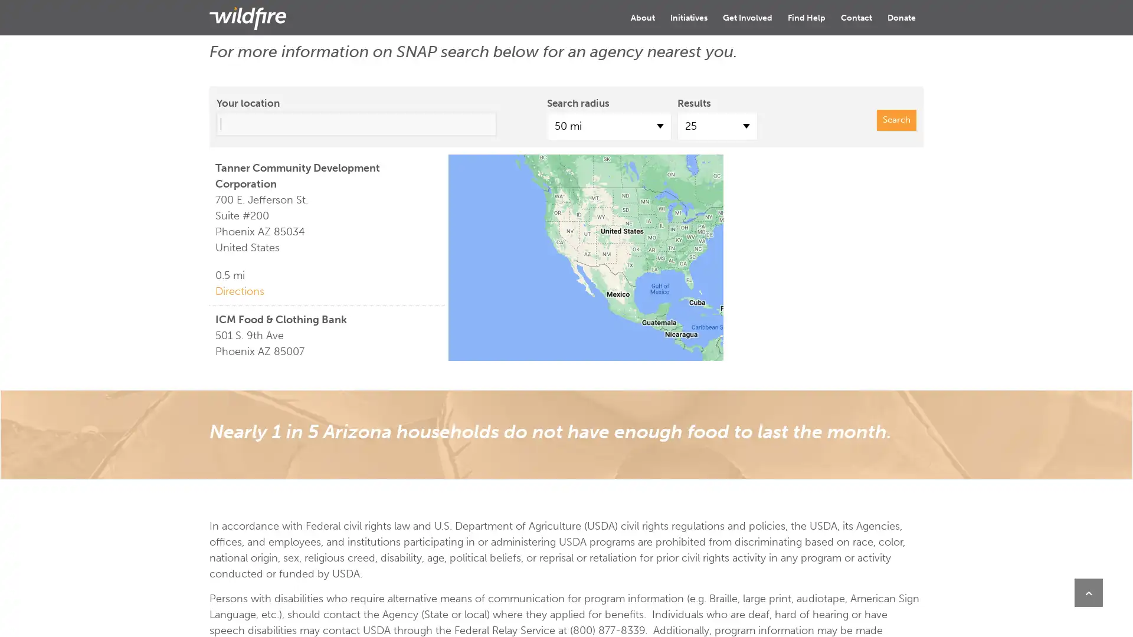 This screenshot has height=637, width=1133. Describe the element at coordinates (905, 171) in the screenshot. I see `Toggle fullscreen view` at that location.